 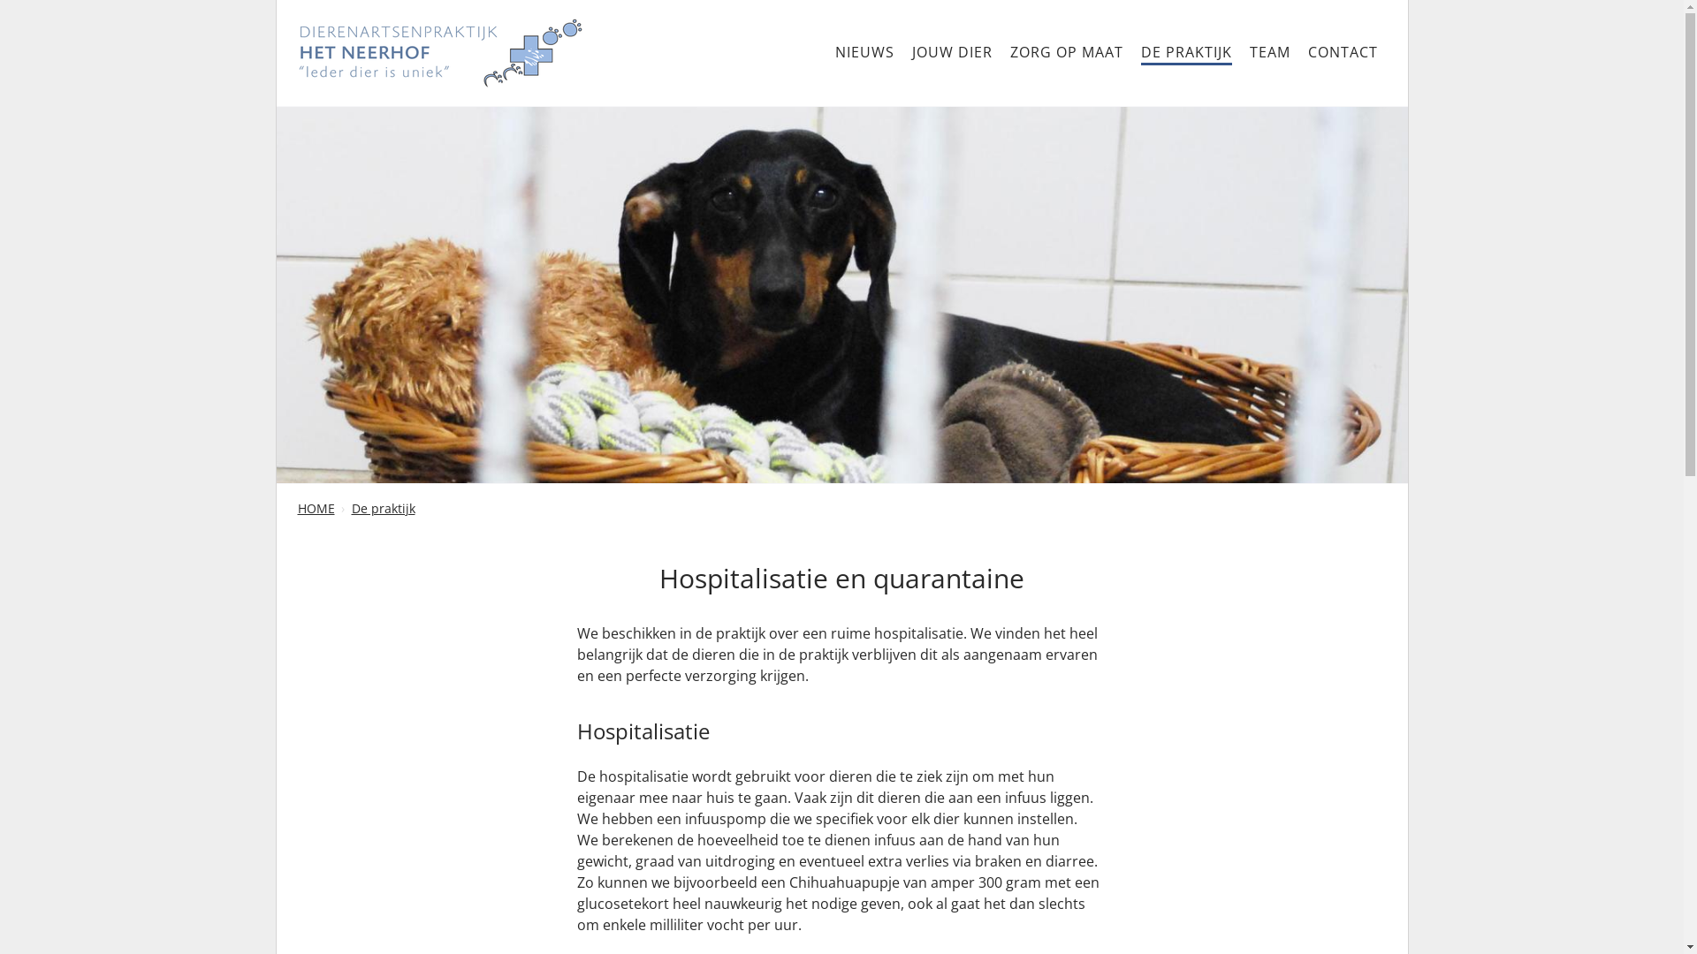 I want to click on 'CONTACT', so click(x=1343, y=51).